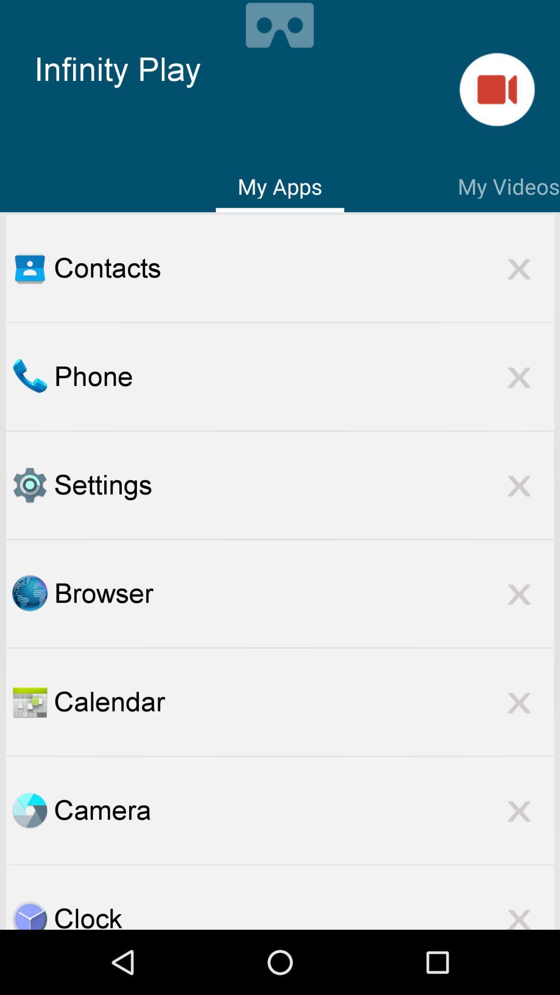  I want to click on open the clock app, so click(29, 915).